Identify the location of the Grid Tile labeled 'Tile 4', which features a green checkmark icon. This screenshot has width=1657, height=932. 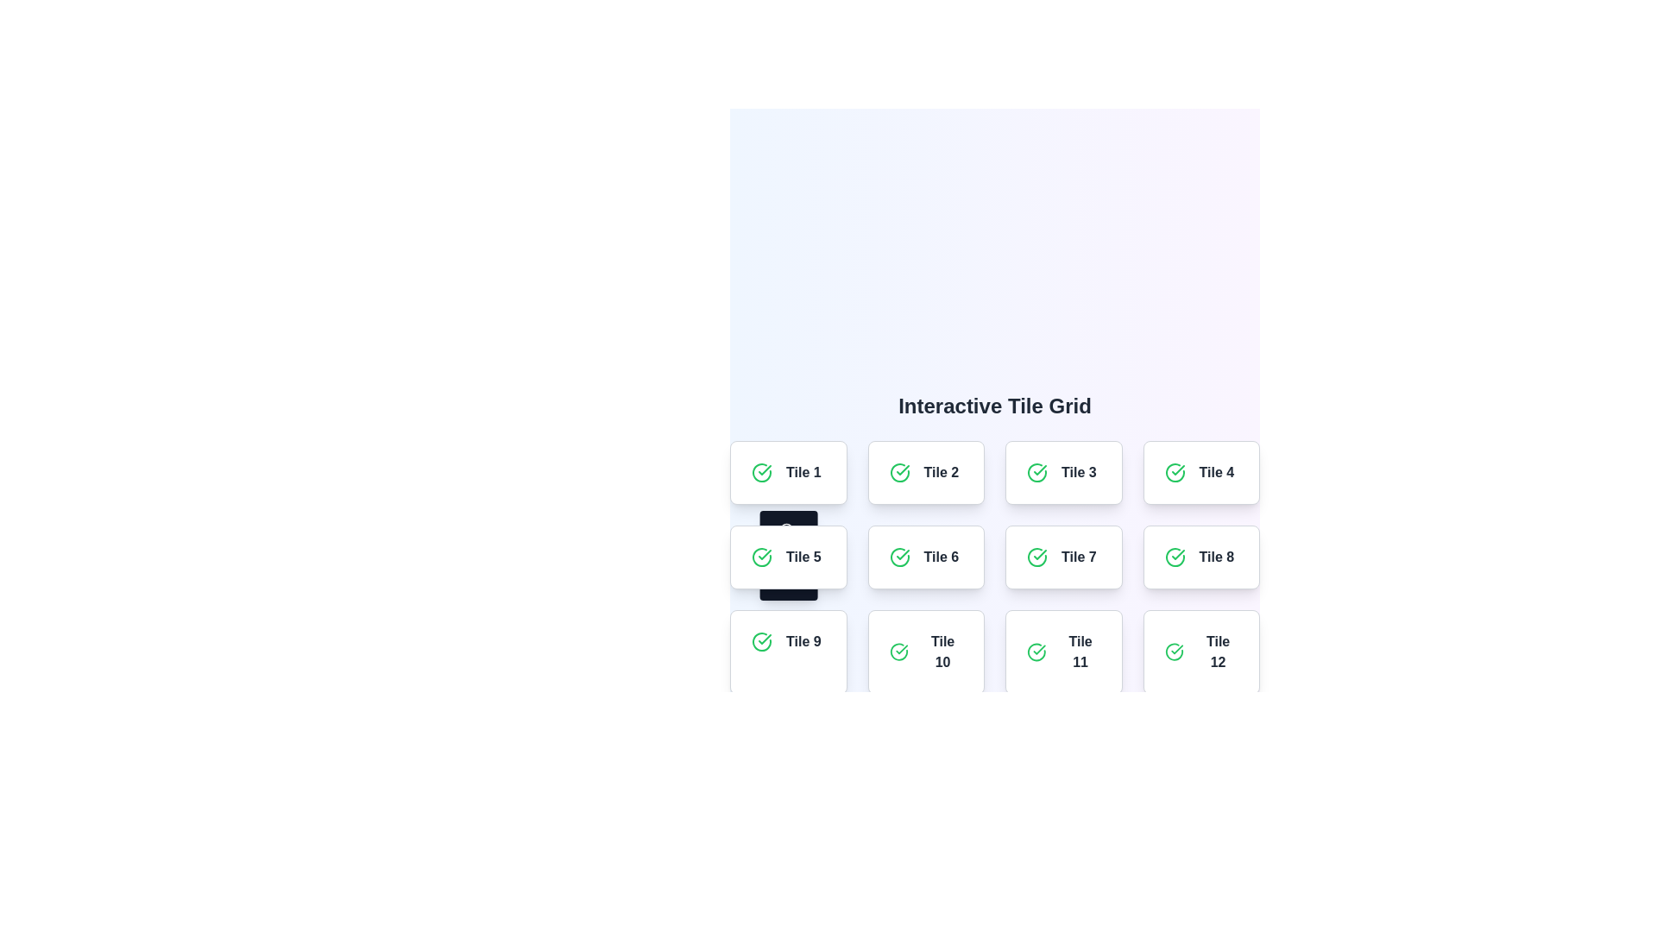
(1200, 472).